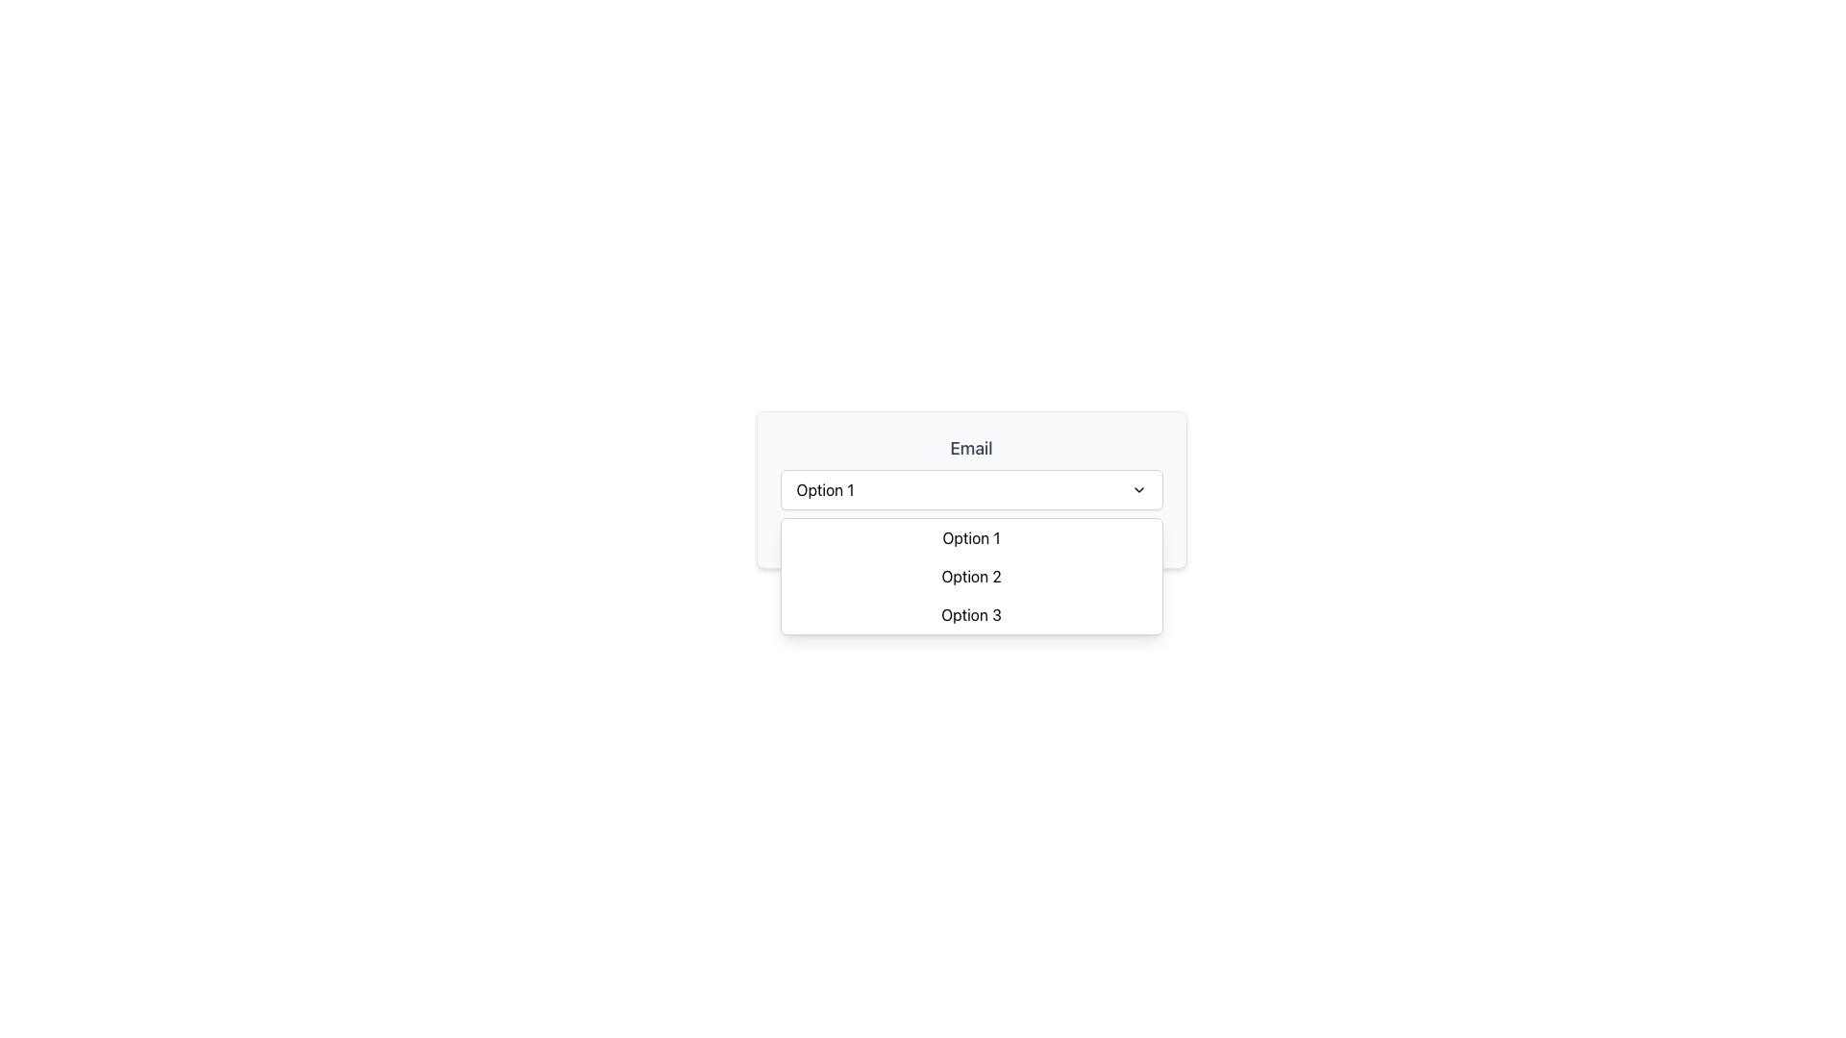 The height and width of the screenshot is (1038, 1846). Describe the element at coordinates (971, 537) in the screenshot. I see `the first option 'Option 1' in the dropdown list located below the 'Email' input field` at that location.